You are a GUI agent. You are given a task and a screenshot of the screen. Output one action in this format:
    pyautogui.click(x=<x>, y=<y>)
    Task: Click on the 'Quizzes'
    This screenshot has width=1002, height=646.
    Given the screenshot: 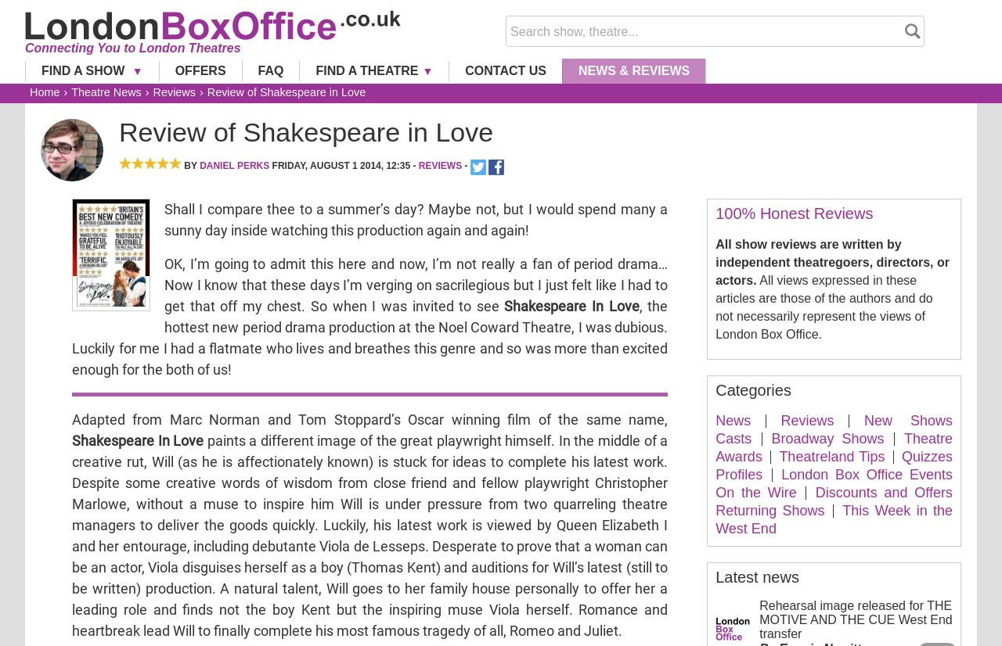 What is the action you would take?
    pyautogui.click(x=927, y=454)
    